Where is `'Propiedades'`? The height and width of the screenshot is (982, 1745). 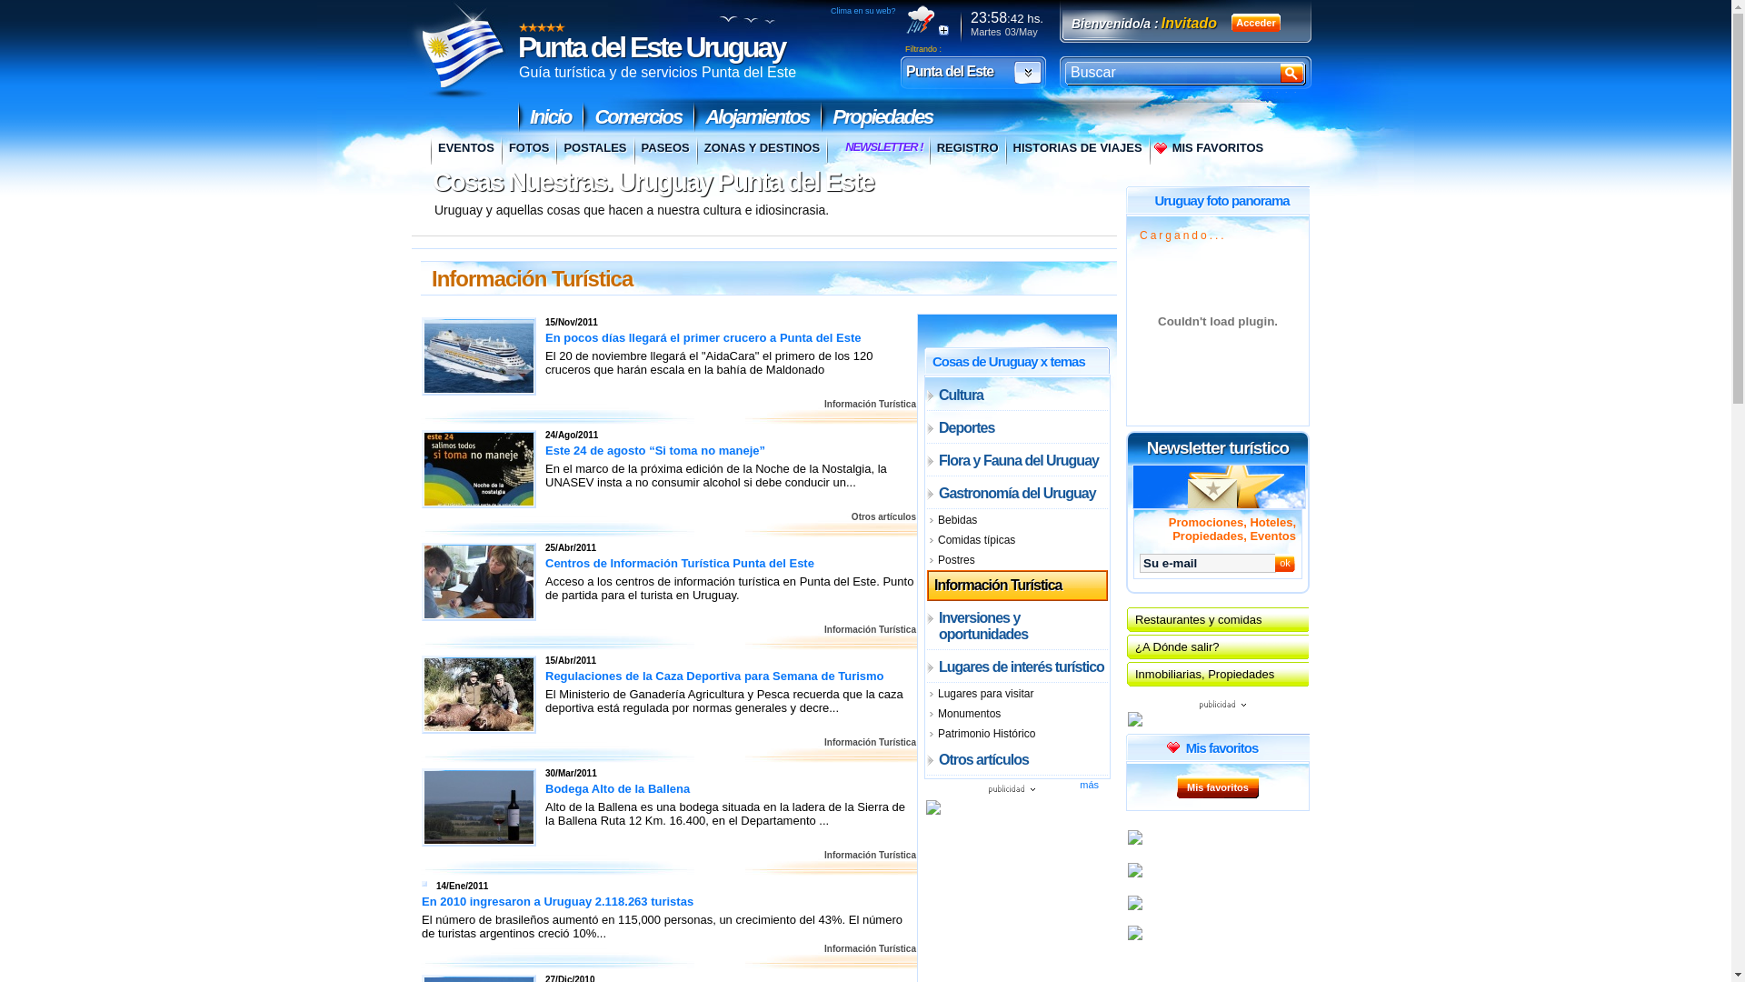
'Propiedades' is located at coordinates (882, 116).